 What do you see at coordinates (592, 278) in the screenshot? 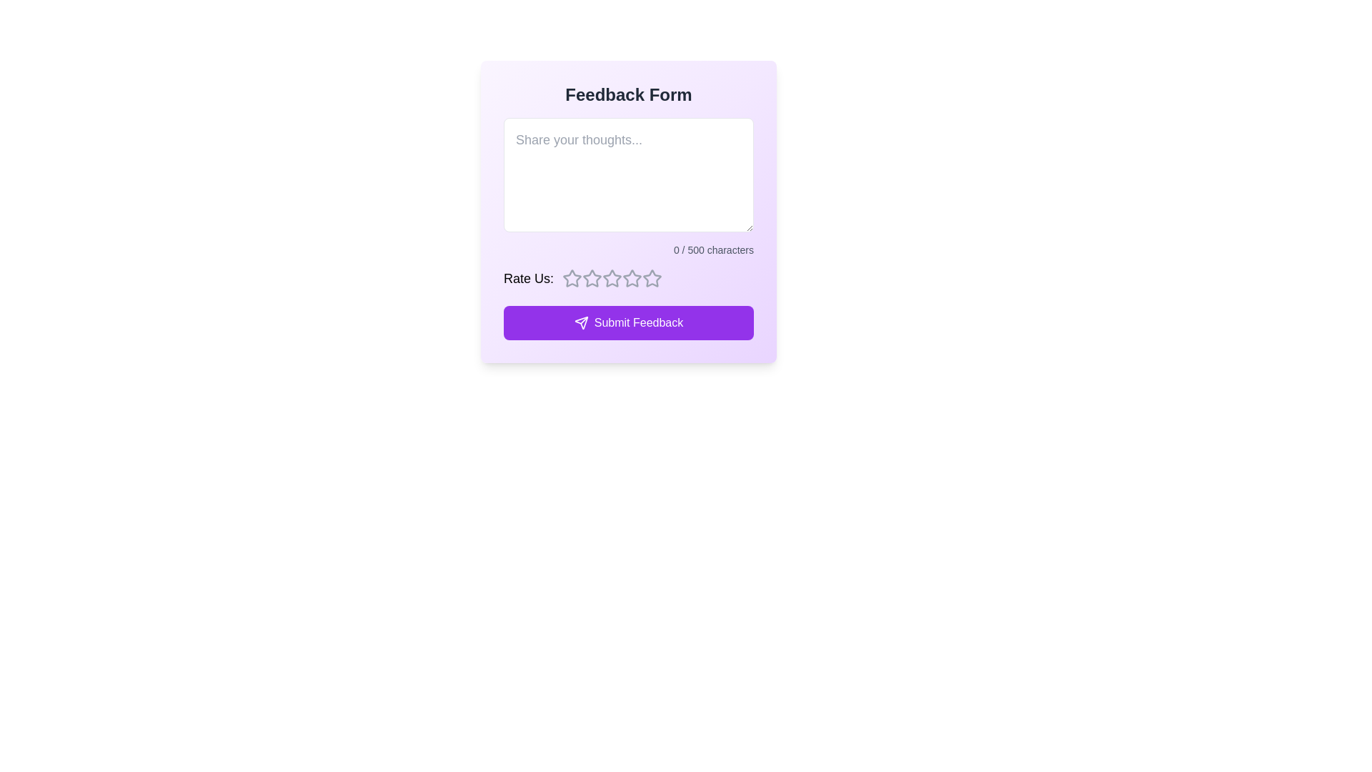
I see `the third star icon in the rating functionality, which has a hollow center and gray outline, positioned below the feedback text box and above the submission button` at bounding box center [592, 278].